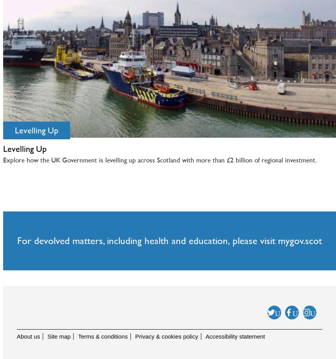 This screenshot has width=336, height=359. I want to click on 'Explore how the UK Government is levelling up across Scotland with more than £2 billion of regional investment.', so click(159, 160).